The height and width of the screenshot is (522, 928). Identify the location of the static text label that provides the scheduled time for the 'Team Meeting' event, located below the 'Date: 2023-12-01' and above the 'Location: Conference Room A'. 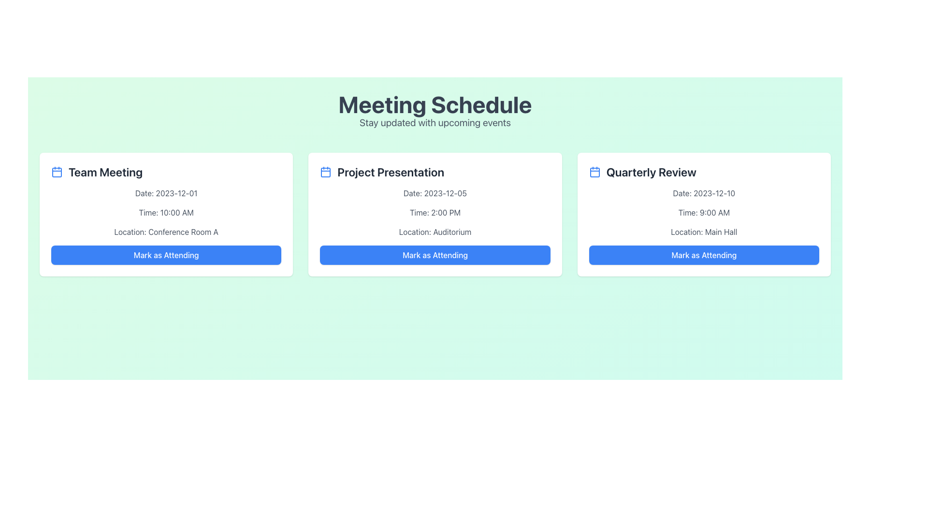
(166, 212).